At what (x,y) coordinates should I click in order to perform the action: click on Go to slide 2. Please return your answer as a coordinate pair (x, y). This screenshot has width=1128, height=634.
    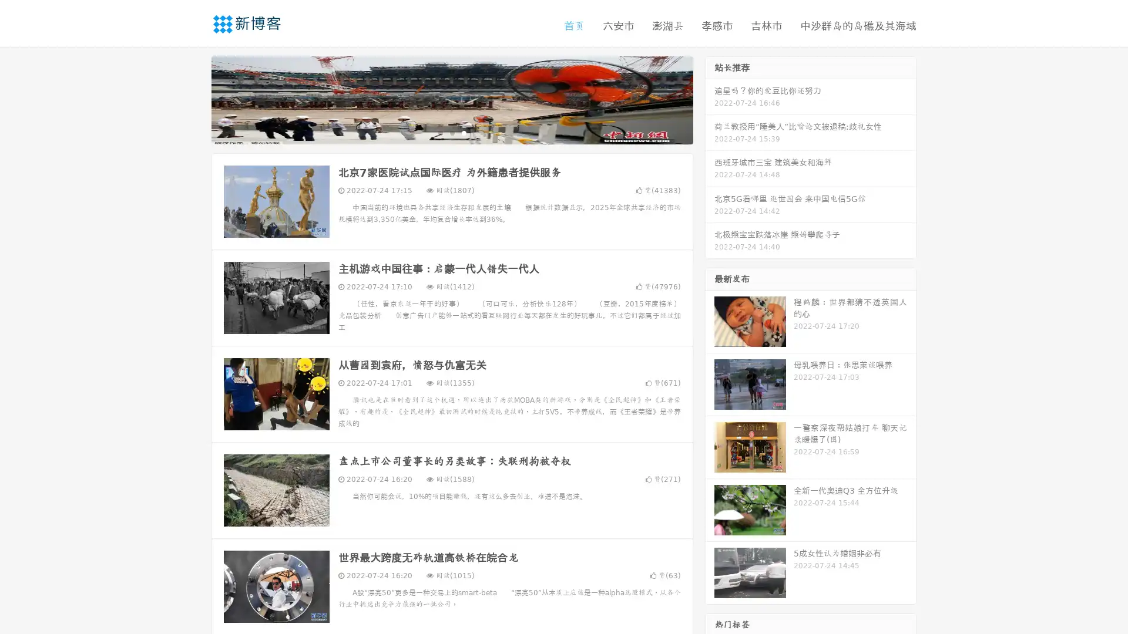
    Looking at the image, I should click on (451, 132).